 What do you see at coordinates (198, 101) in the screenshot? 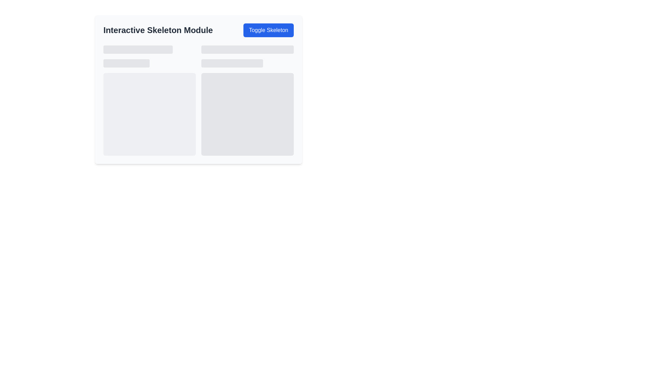
I see `the grid layout containing placeholder elements styled as rectangular blocks with rounded corners and a gray background, located directly below the title 'Interactive Skeleton Module' and the 'Toggle Skeleton' button` at bounding box center [198, 101].